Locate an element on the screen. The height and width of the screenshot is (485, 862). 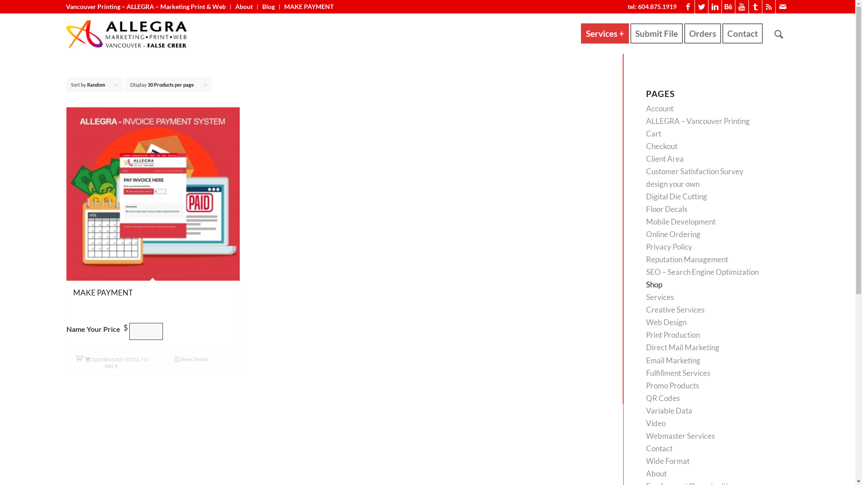
'Facebook' is located at coordinates (687, 7).